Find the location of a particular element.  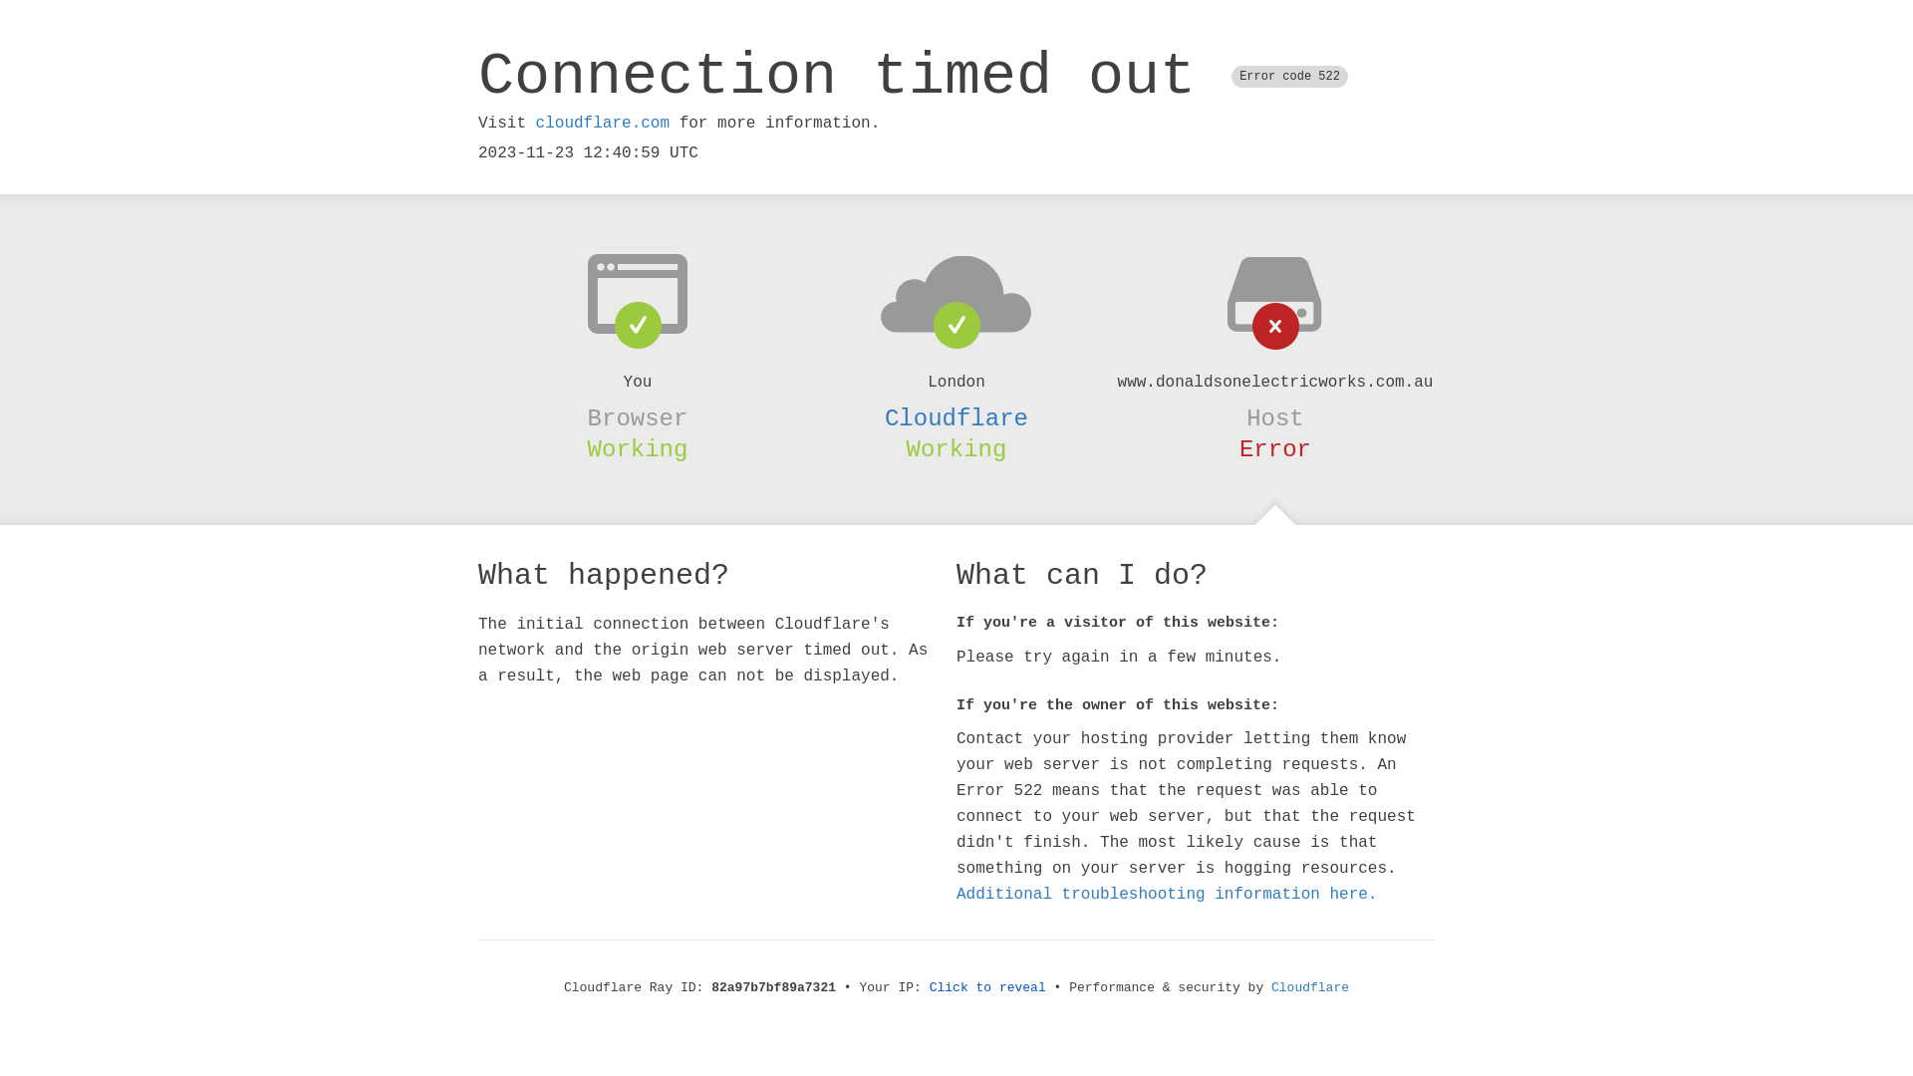

'Cloudflare' is located at coordinates (956, 417).